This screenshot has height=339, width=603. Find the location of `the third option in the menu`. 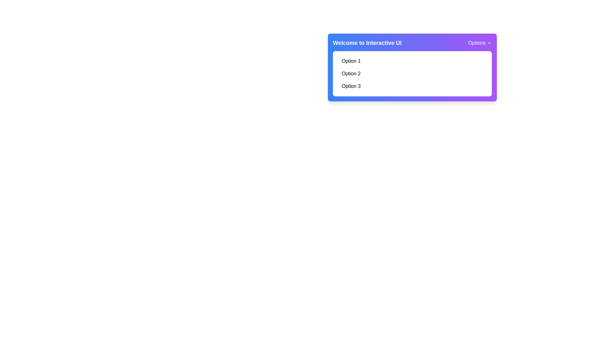

the third option in the menu is located at coordinates (412, 86).